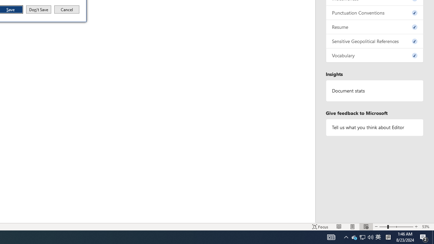 The height and width of the screenshot is (244, 434). I want to click on 'Zoom 53%', so click(426, 227).